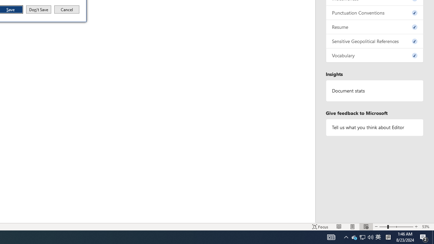 The height and width of the screenshot is (244, 434). I want to click on 'Zoom 53%', so click(426, 227).